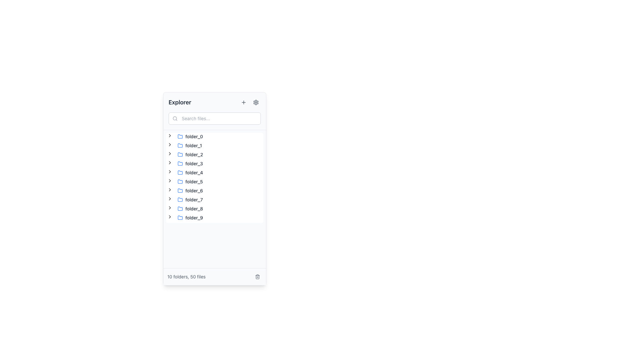 The width and height of the screenshot is (619, 348). What do you see at coordinates (170, 144) in the screenshot?
I see `the toggle button with the chevron icon next to 'folder_1' in the explorer panel` at bounding box center [170, 144].